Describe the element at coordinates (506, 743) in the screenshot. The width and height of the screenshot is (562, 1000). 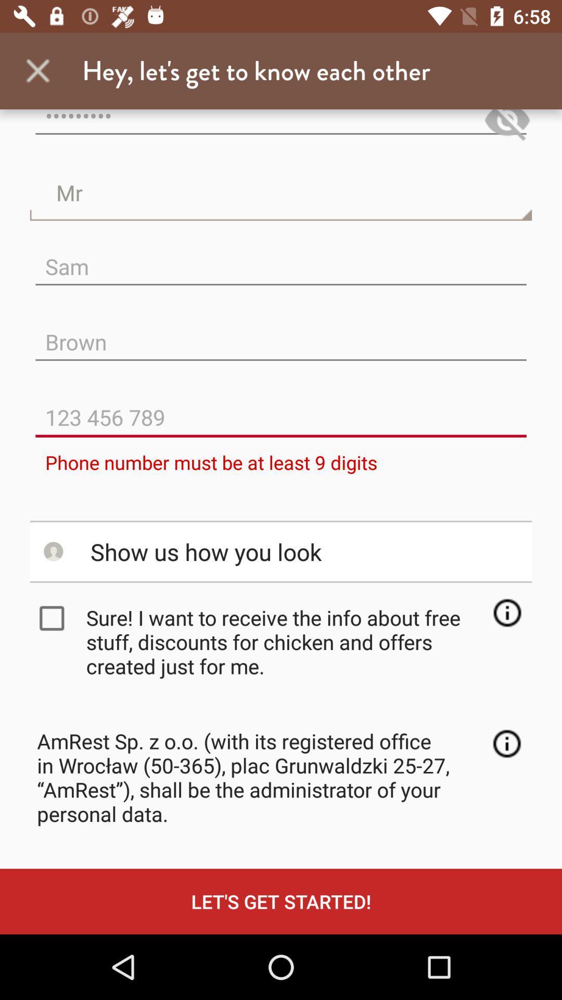
I see `the item at the bottom right corner` at that location.